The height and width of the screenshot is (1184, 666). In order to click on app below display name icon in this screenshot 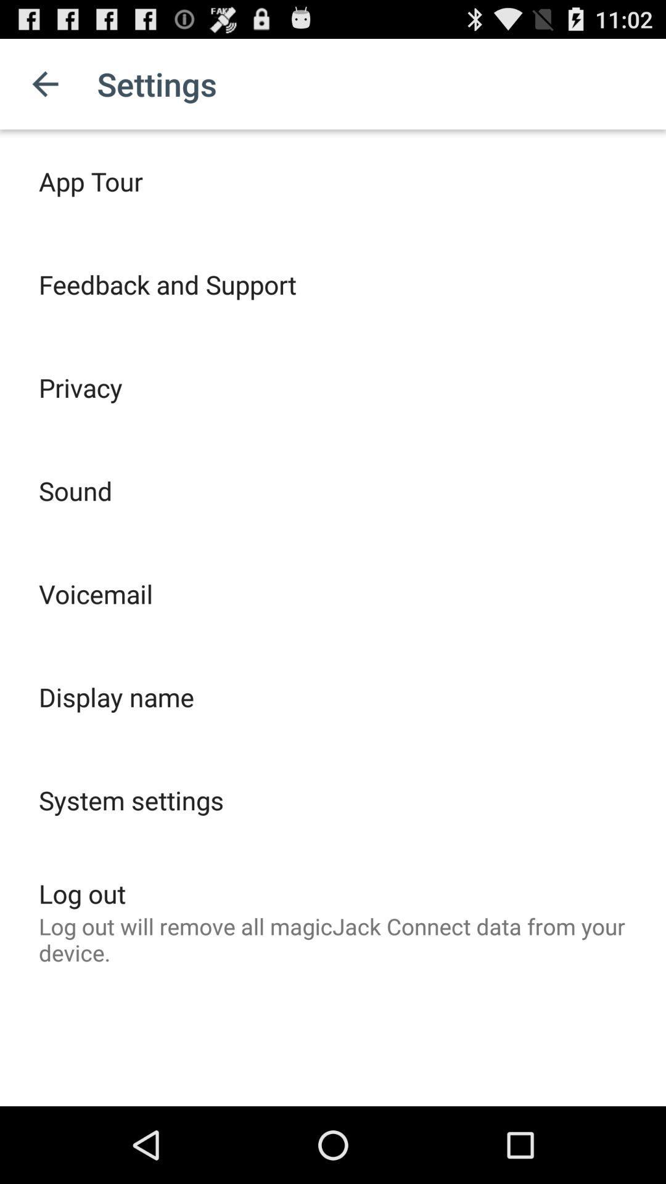, I will do `click(131, 800)`.